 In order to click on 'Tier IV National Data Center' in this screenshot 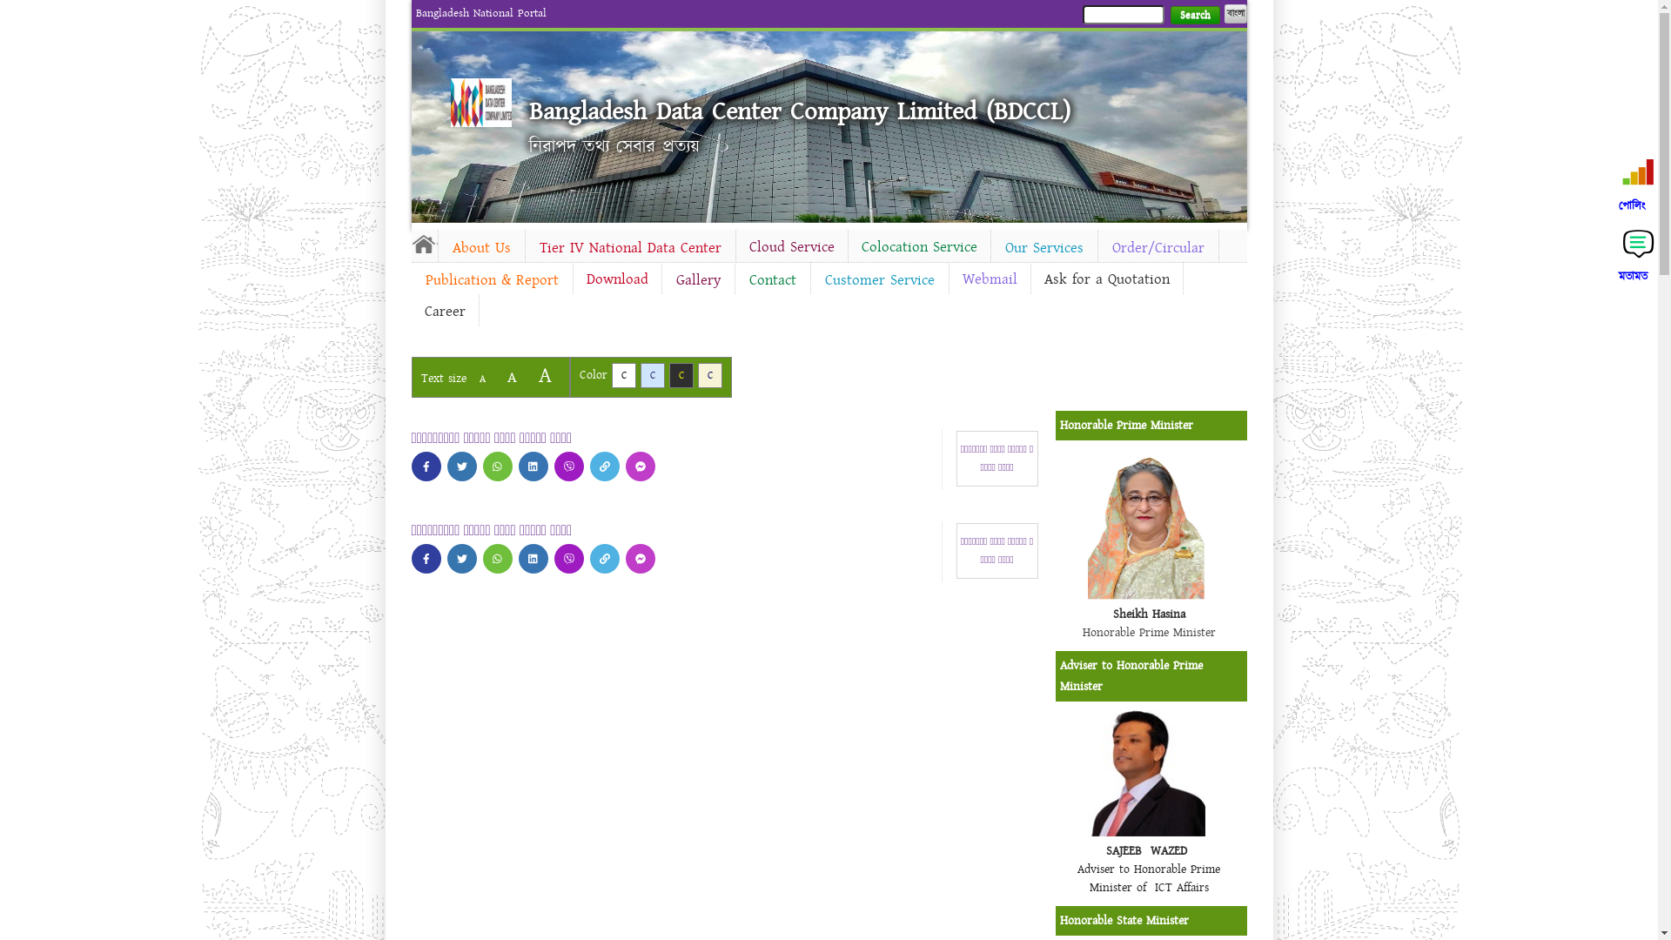, I will do `click(525, 248)`.